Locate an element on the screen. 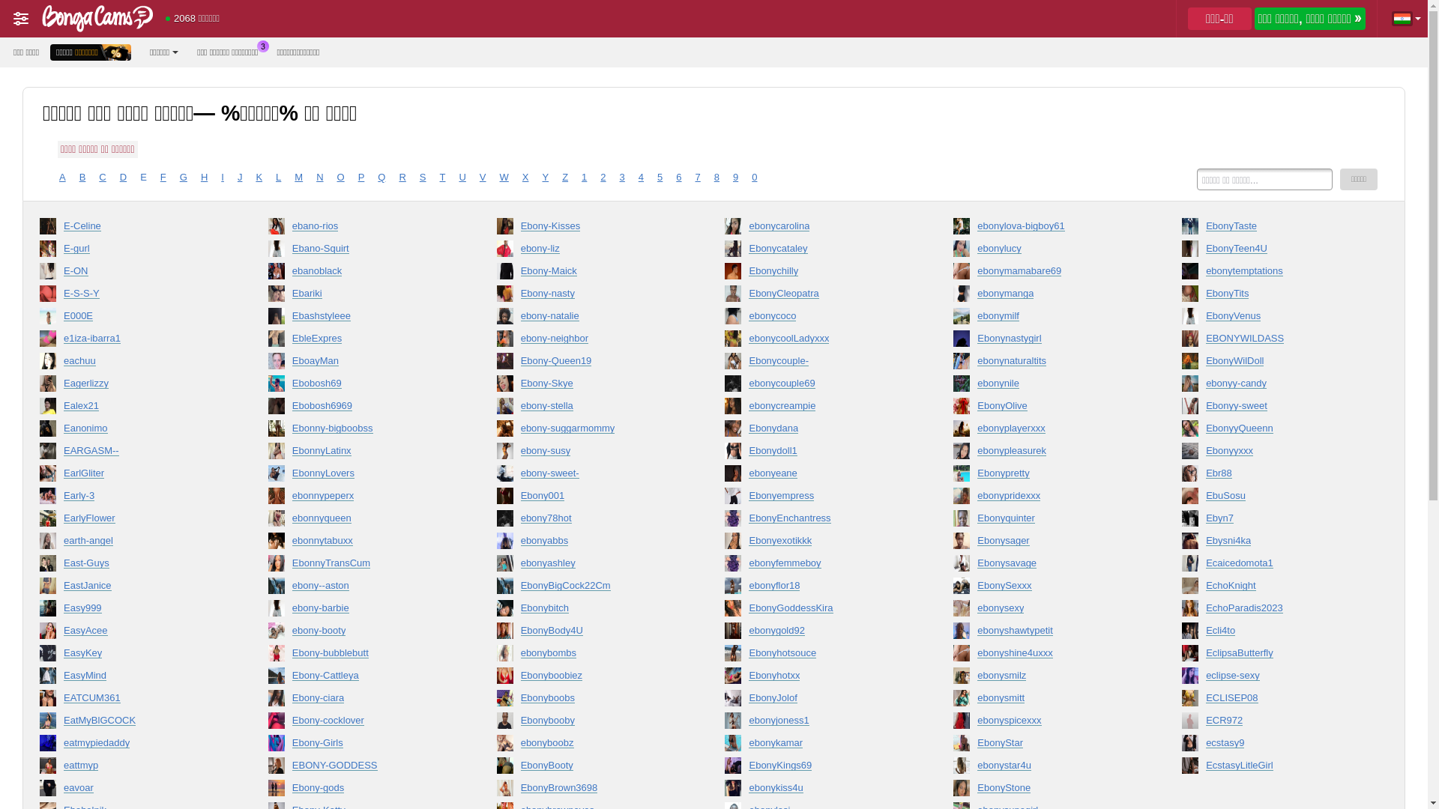  'Ebonyquinter' is located at coordinates (1046, 520).